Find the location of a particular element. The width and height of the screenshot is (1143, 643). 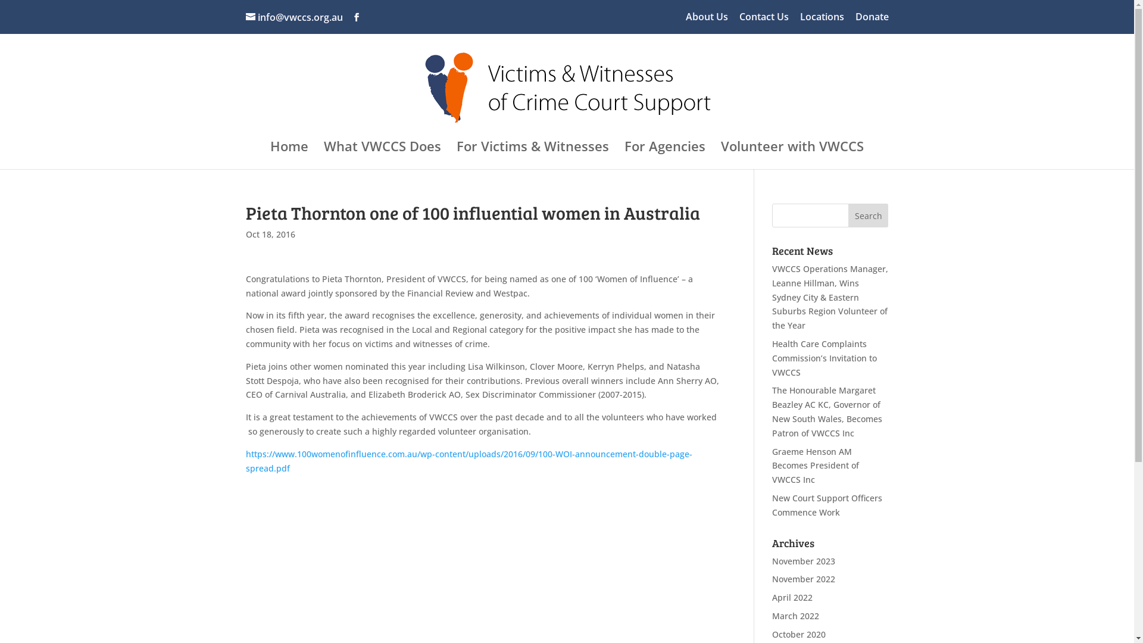

'Donate' is located at coordinates (872, 20).